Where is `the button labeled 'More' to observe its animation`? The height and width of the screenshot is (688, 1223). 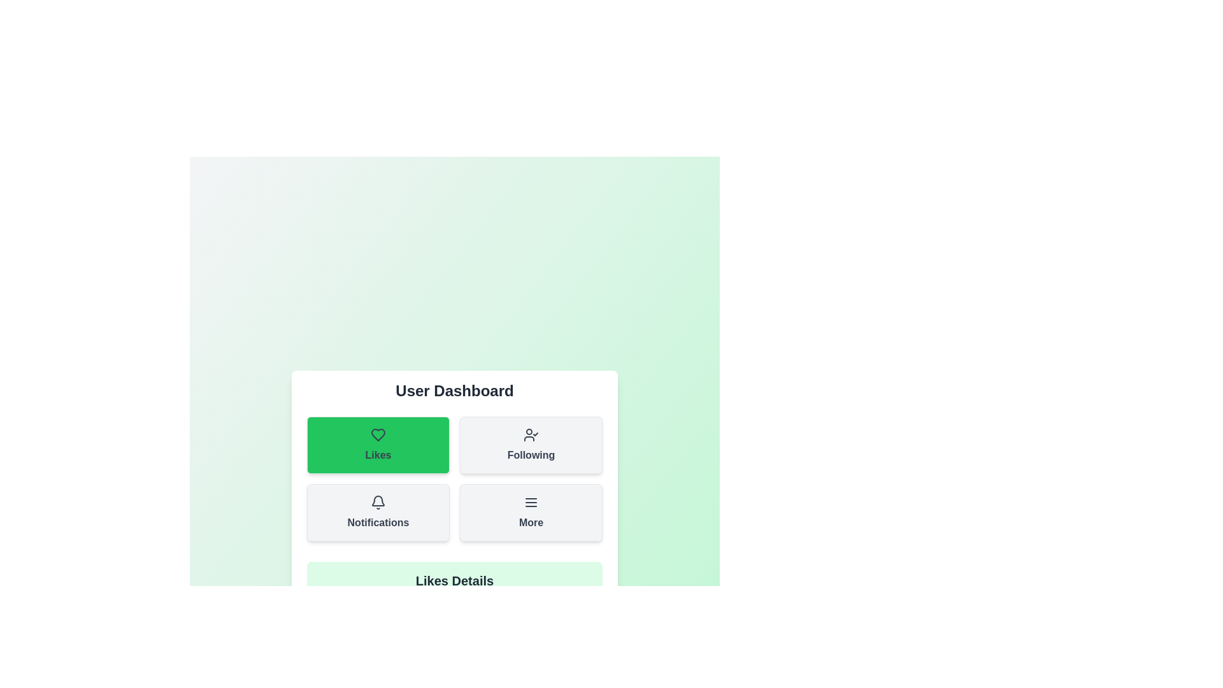
the button labeled 'More' to observe its animation is located at coordinates (531, 512).